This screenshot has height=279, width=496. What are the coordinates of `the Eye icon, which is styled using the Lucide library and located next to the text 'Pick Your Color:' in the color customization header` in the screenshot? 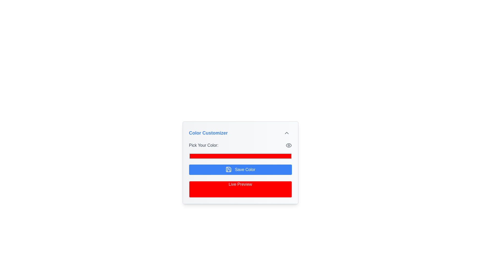 It's located at (288, 145).